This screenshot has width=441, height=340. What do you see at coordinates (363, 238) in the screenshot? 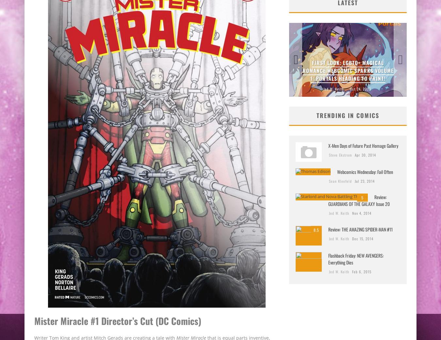
I see `'Dec 15, 2014'` at bounding box center [363, 238].